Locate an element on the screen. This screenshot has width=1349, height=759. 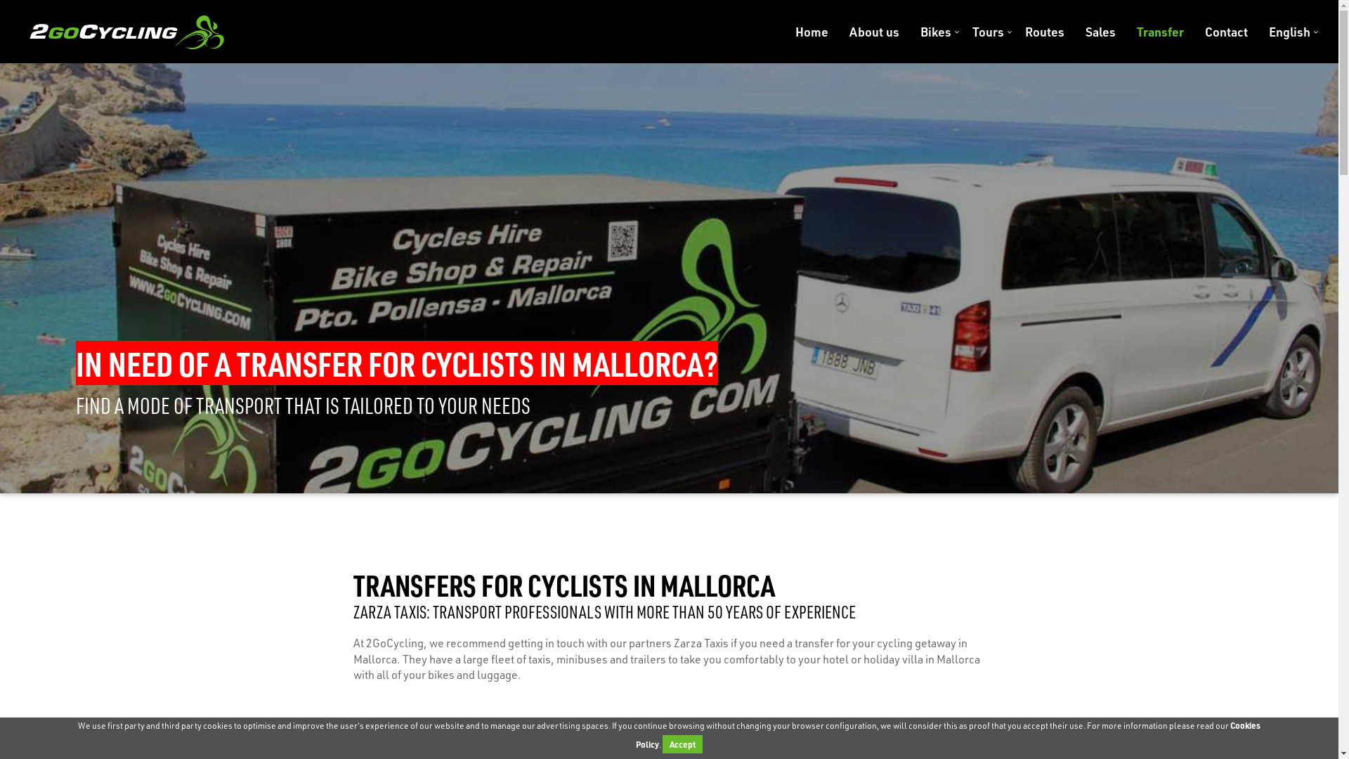
'Transfer' is located at coordinates (1160, 32).